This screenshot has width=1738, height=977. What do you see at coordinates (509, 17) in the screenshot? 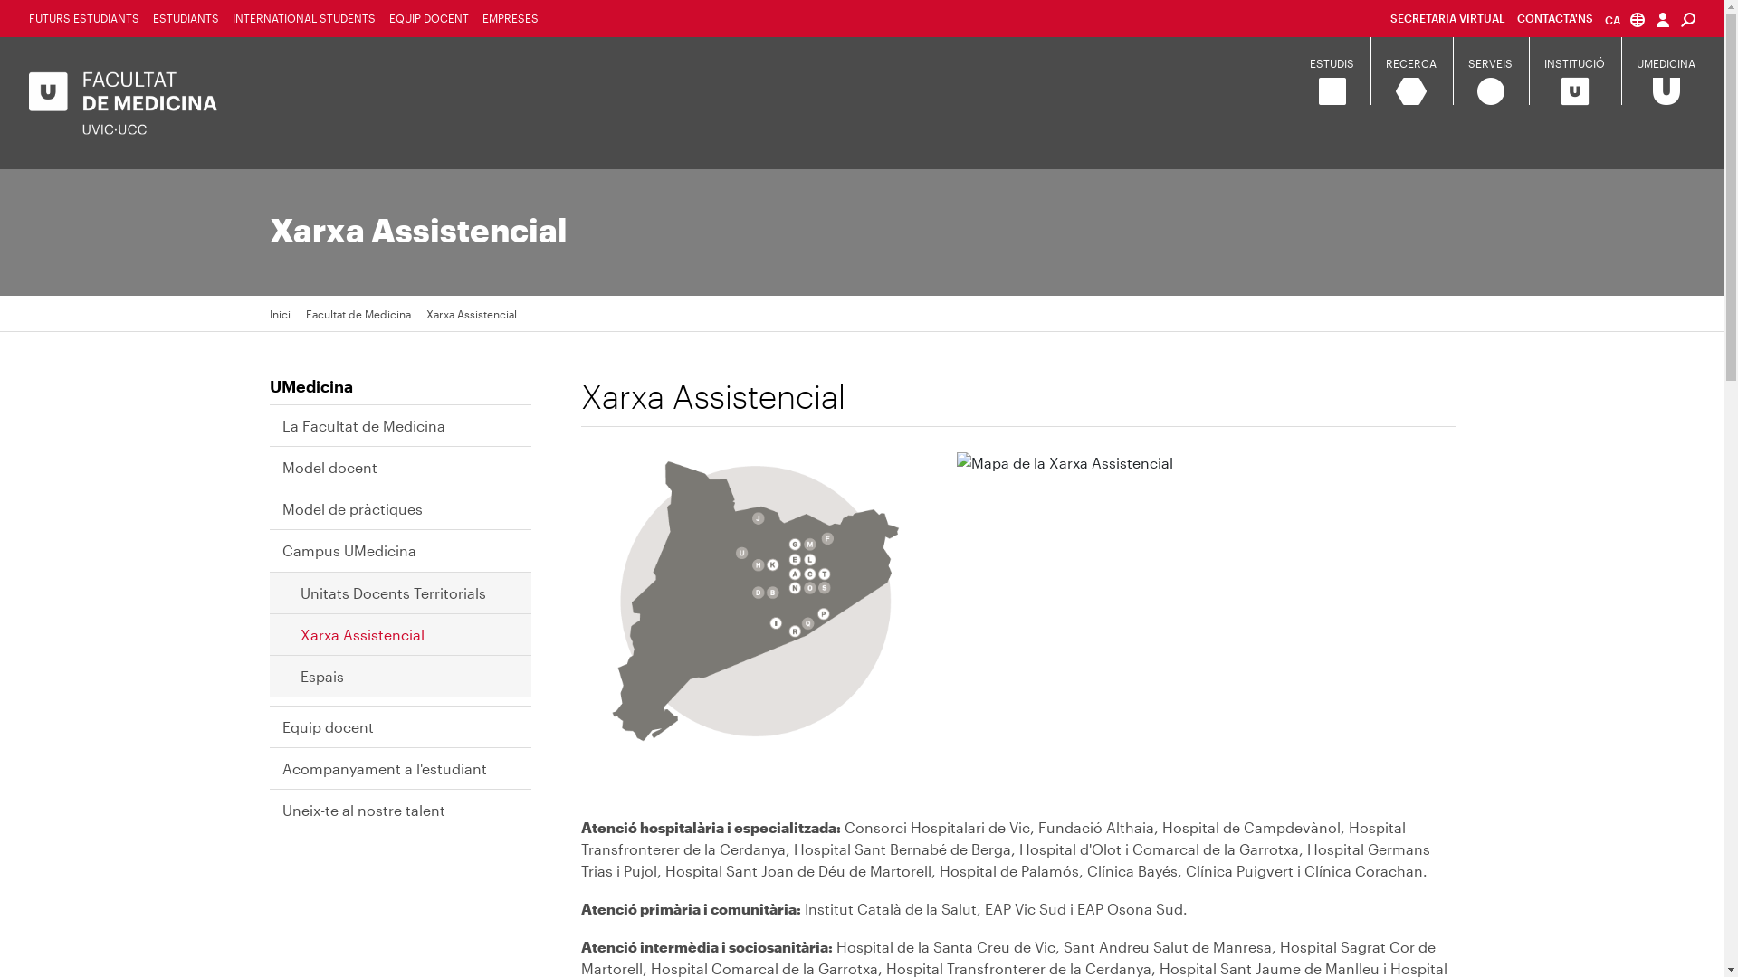
I see `'EMPRESES'` at bounding box center [509, 17].